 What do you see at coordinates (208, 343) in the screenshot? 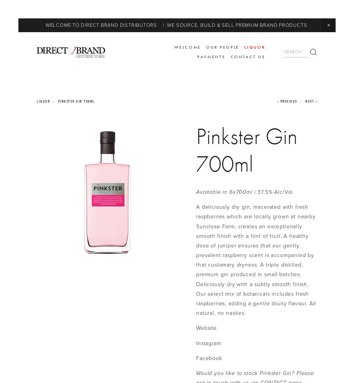
I see `'Instagram'` at bounding box center [208, 343].